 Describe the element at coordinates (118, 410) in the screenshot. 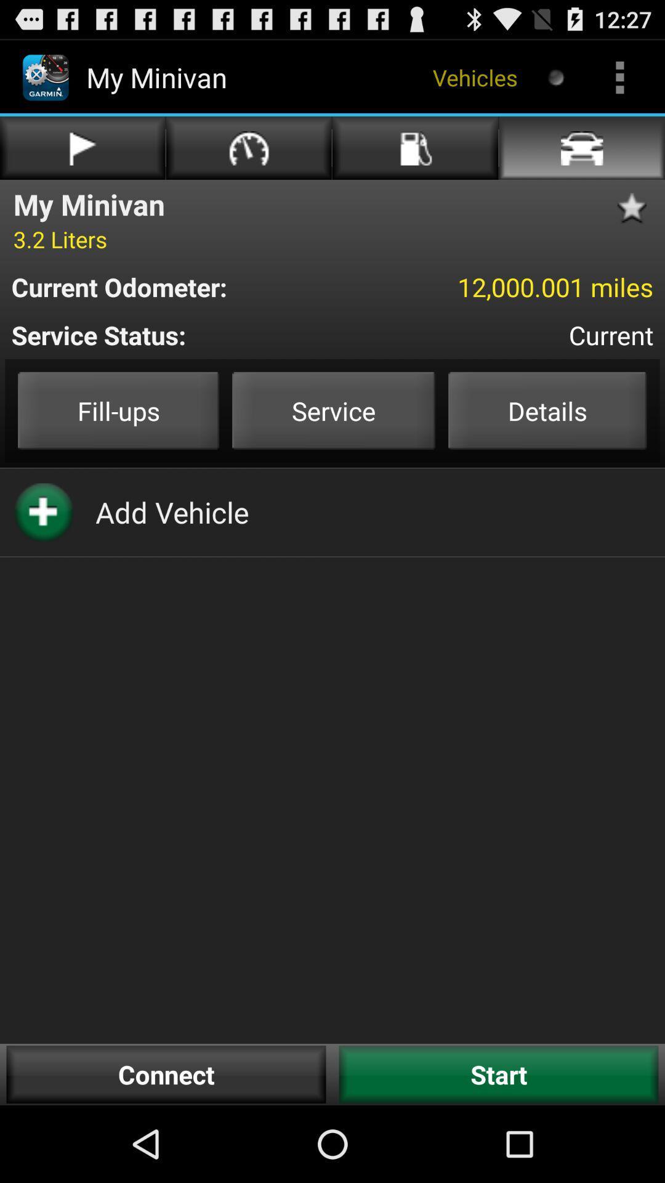

I see `the fill-ups` at that location.